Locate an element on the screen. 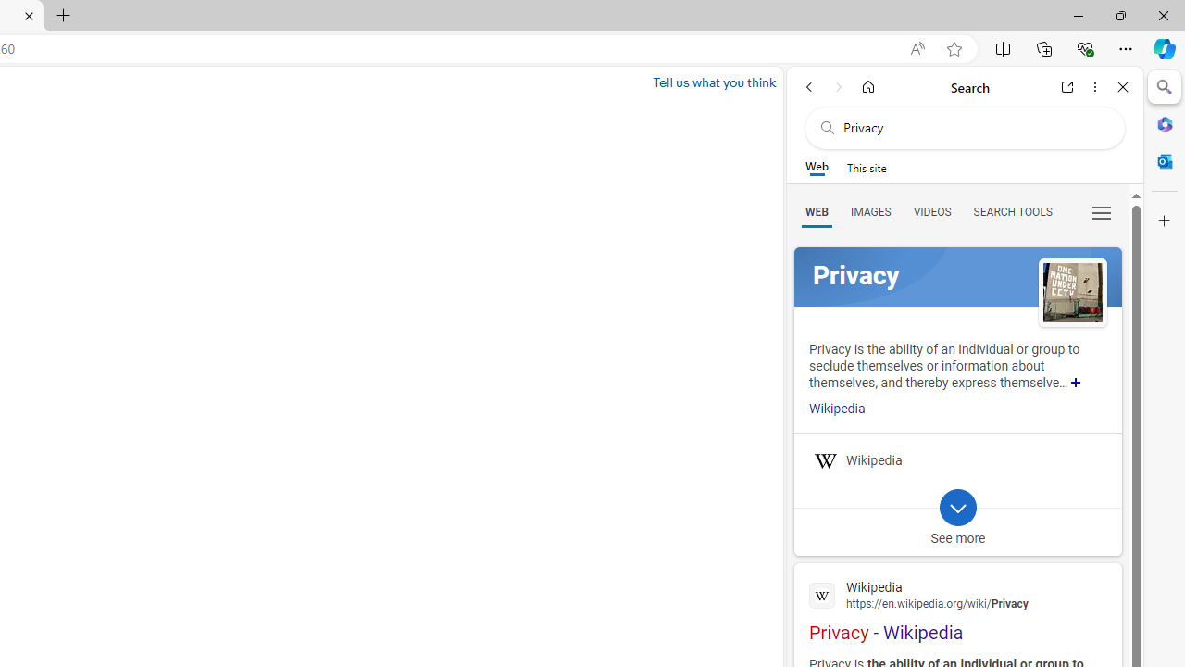 The image size is (1185, 667). 'Search the web' is located at coordinates (973, 127).